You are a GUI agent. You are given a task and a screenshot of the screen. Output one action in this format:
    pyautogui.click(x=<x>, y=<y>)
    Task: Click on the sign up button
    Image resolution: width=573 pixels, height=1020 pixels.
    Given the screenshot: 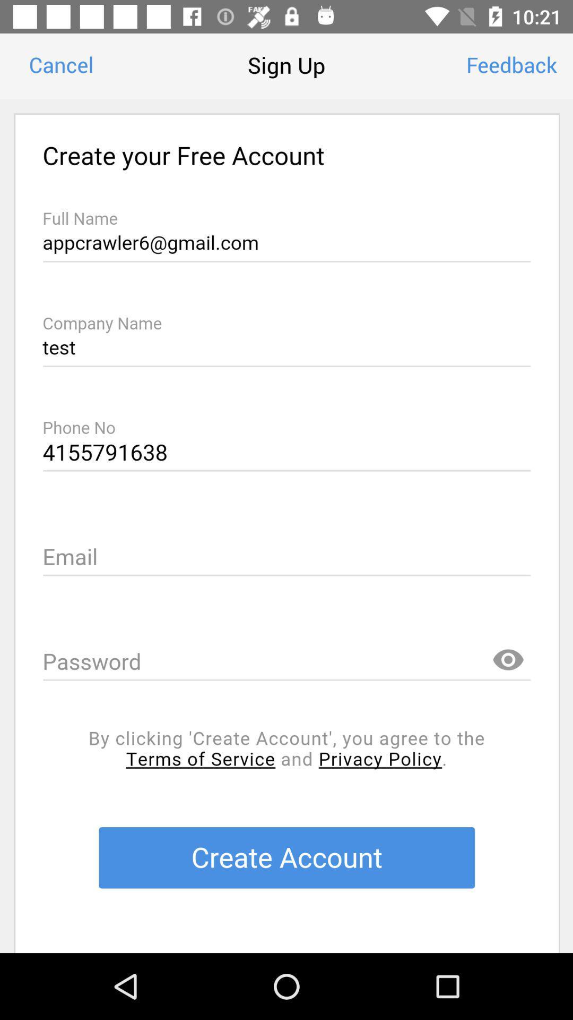 What is the action you would take?
    pyautogui.click(x=286, y=526)
    